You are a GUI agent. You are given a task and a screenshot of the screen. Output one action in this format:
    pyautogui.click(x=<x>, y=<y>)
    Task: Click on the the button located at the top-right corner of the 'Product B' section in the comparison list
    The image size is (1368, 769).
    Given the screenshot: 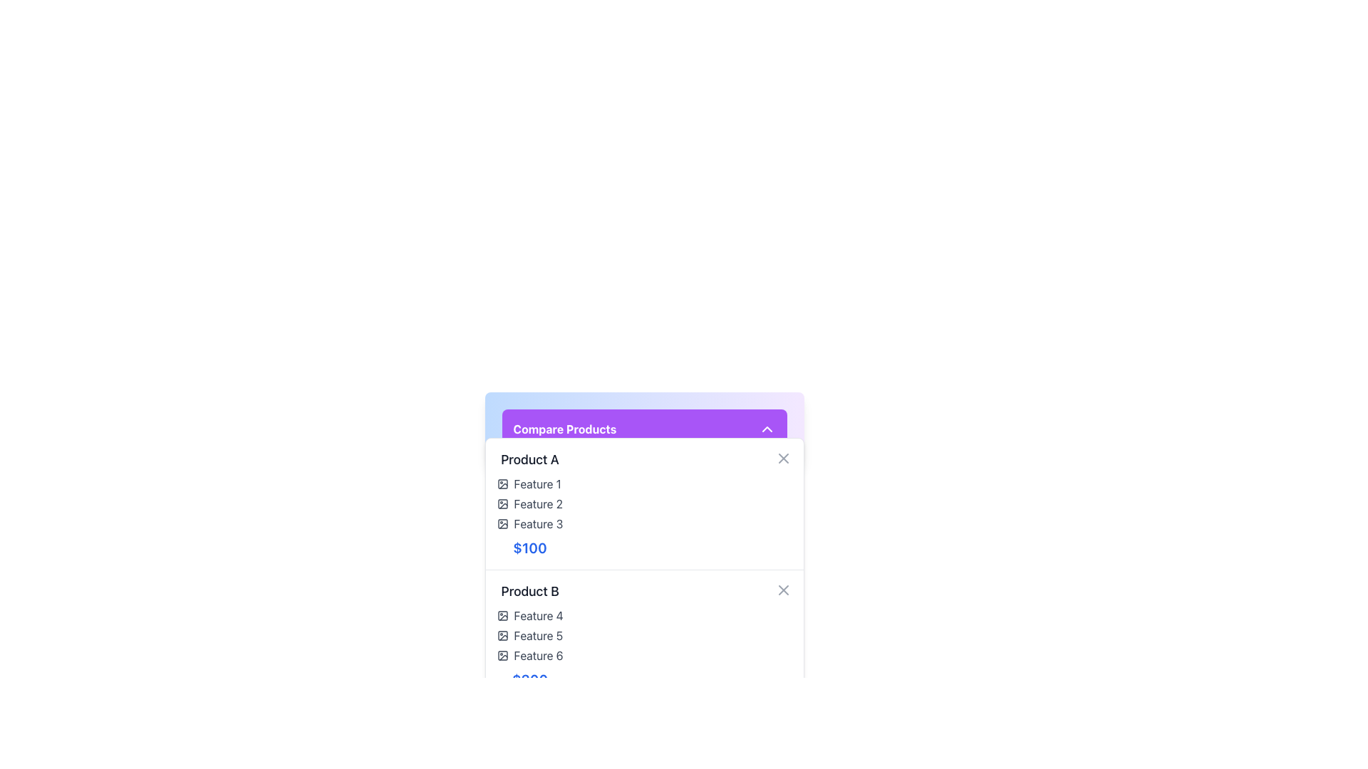 What is the action you would take?
    pyautogui.click(x=782, y=590)
    